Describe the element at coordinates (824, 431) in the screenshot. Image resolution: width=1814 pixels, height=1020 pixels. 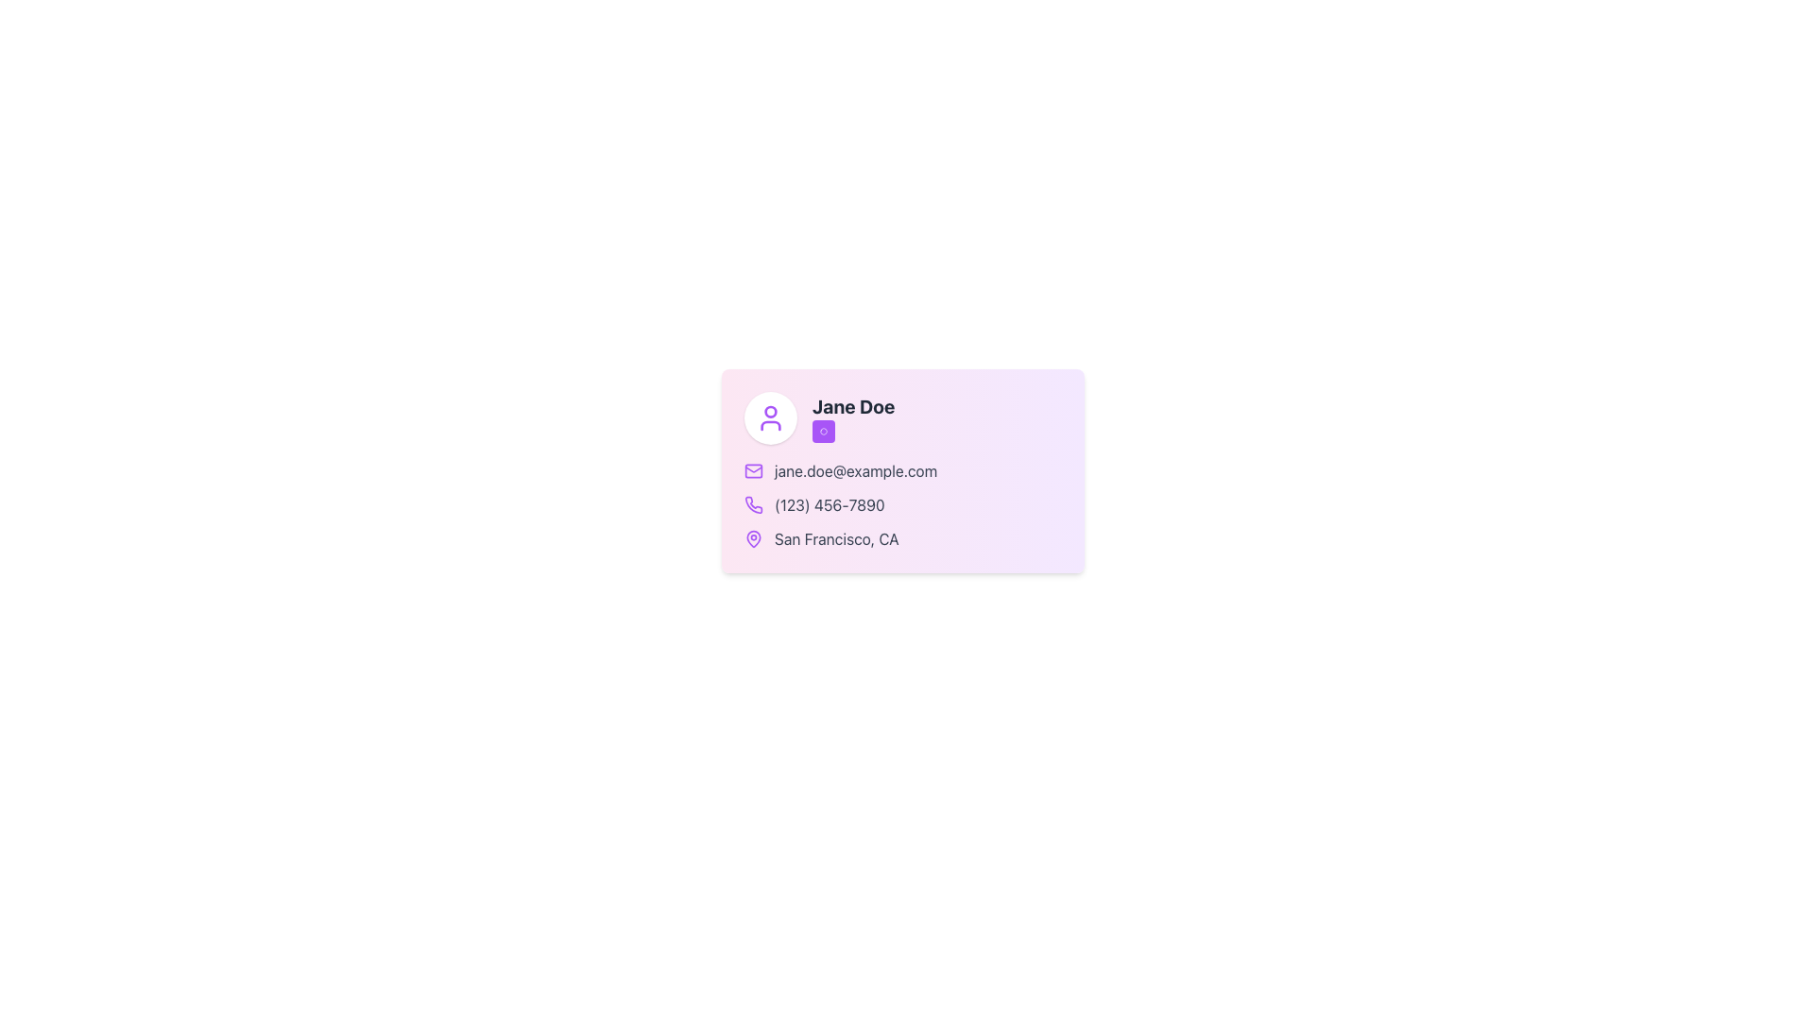
I see `the 'Active' status badge located to the right of 'Jane Doe' in the contact information card` at that location.